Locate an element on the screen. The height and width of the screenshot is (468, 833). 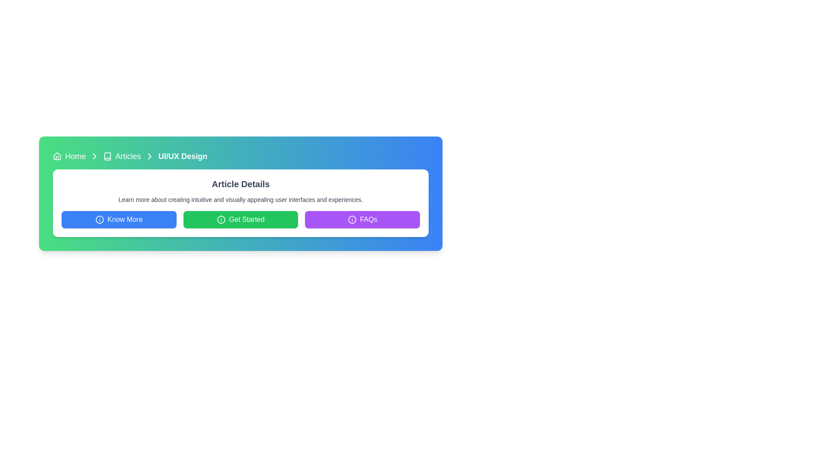
the right-facing chevron icon with a white outline on a green background, which is the third separator in the breadcrumb navigation between 'Articles' and 'UI/UX Design' is located at coordinates (150, 156).